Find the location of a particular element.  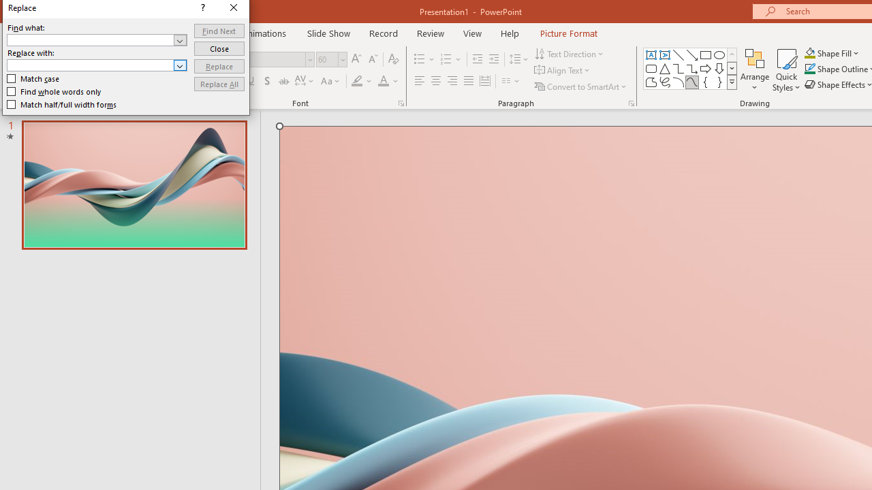

'Align Left' is located at coordinates (419, 81).